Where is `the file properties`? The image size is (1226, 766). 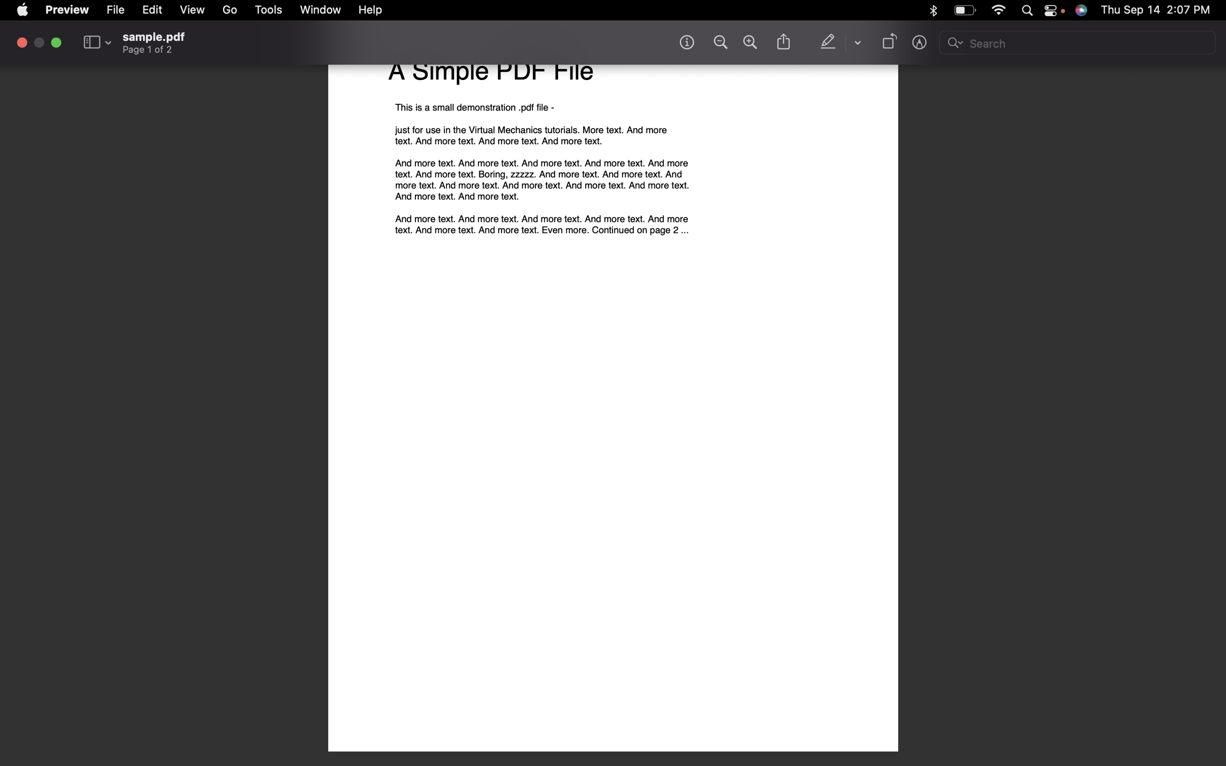
the file properties is located at coordinates (117, 9).